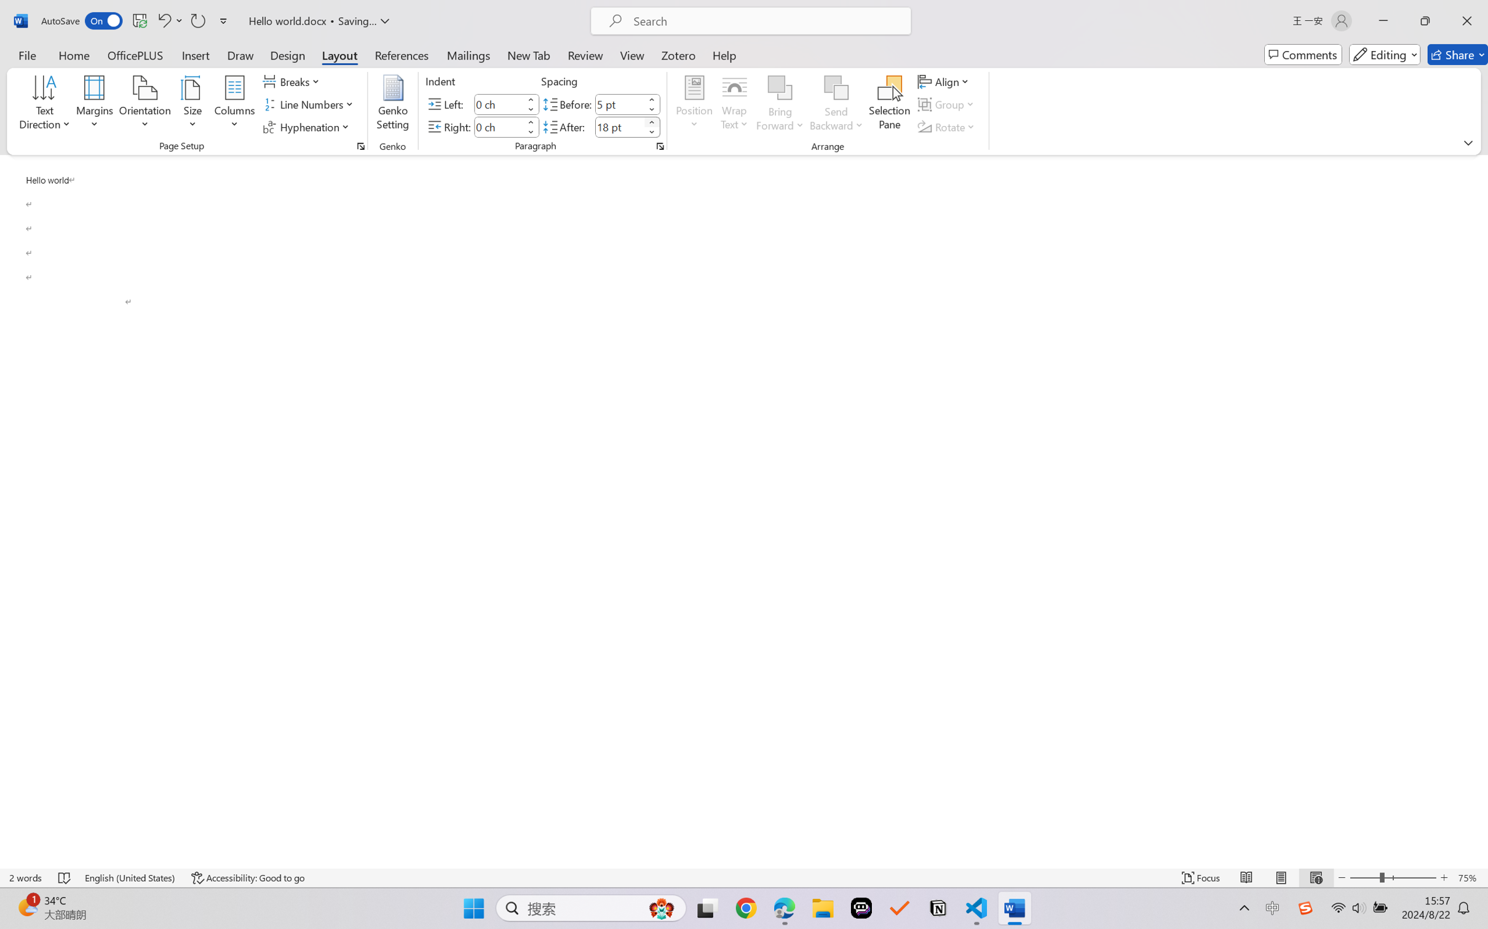 The image size is (1488, 929). Describe the element at coordinates (247, 877) in the screenshot. I see `'Accessibility Checker Accessibility: Good to go'` at that location.